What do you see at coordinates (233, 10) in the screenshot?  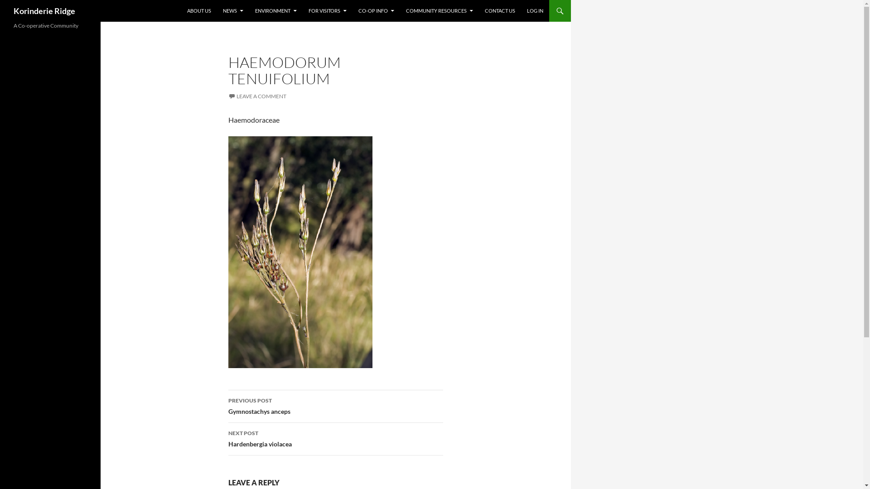 I see `'NEWS'` at bounding box center [233, 10].